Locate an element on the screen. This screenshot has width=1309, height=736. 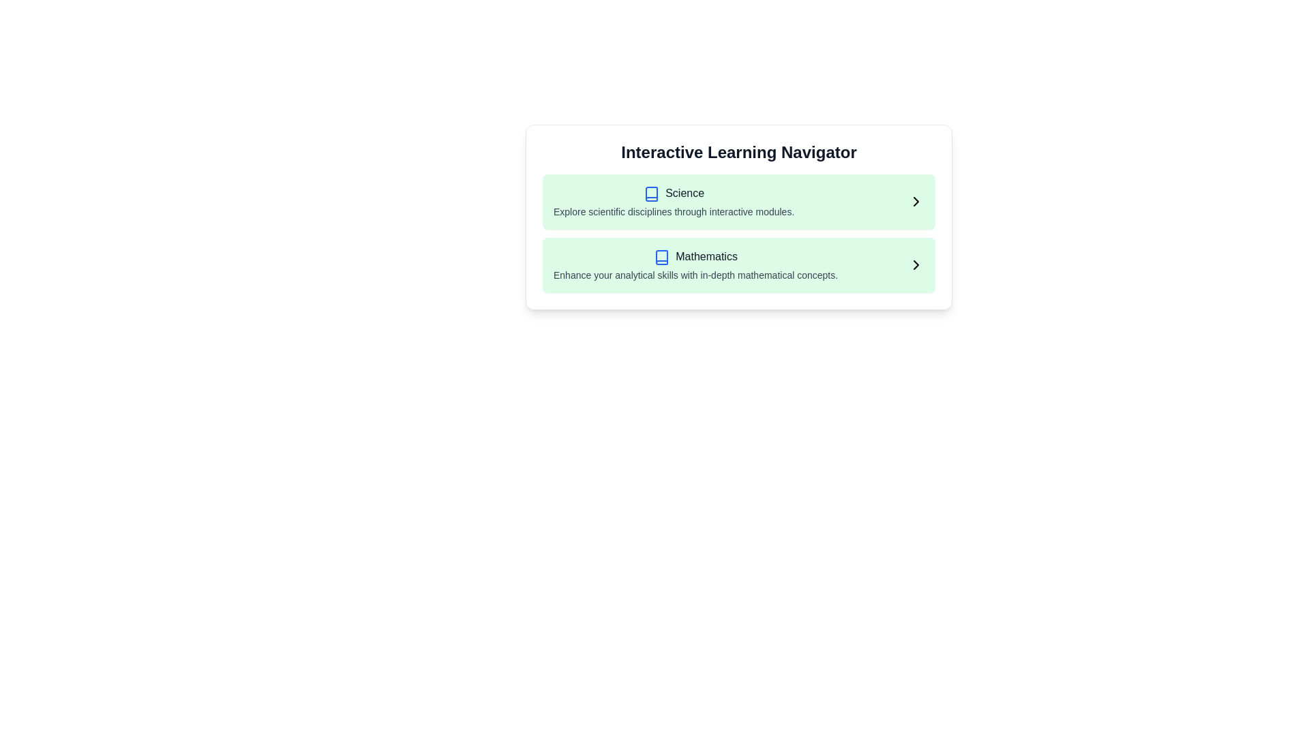
the 'Science' category icon located in the top green section of the navigator, positioned to the left of the text 'Science' is located at coordinates (651, 194).